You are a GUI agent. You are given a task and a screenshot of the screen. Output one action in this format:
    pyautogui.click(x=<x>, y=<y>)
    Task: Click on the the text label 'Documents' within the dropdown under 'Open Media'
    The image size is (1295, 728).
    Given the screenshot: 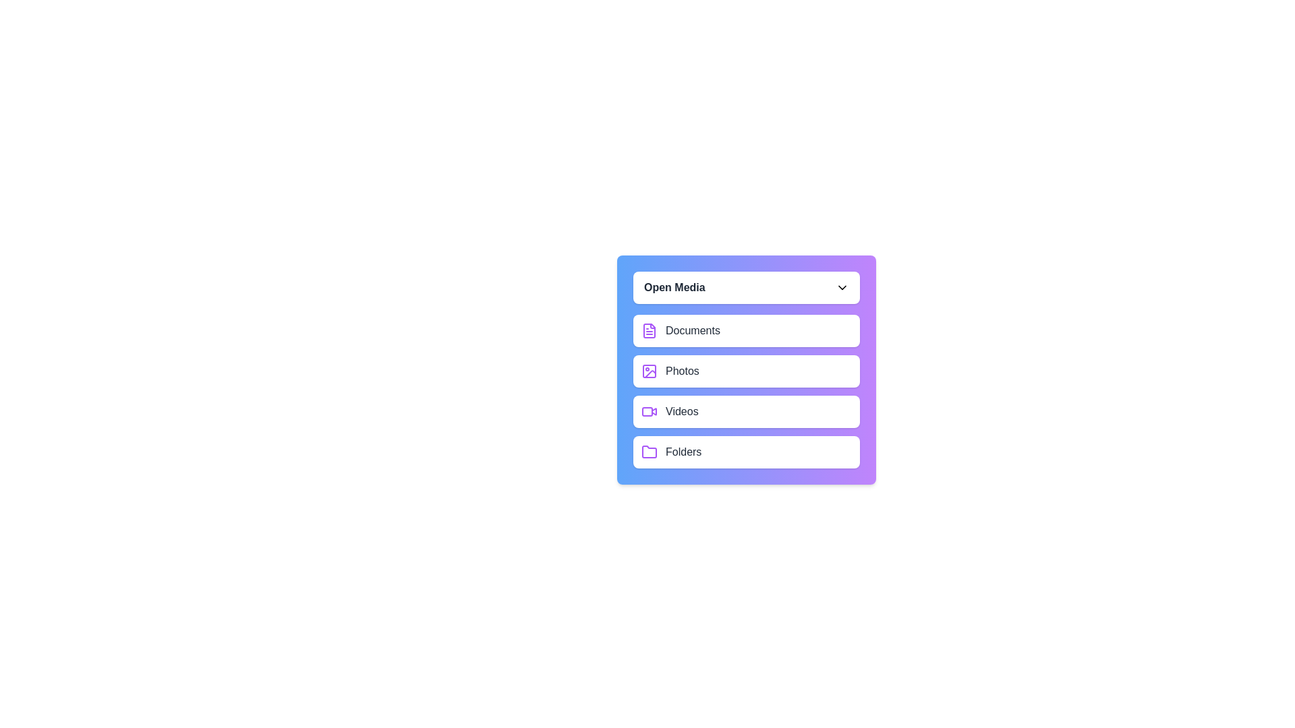 What is the action you would take?
    pyautogui.click(x=693, y=330)
    